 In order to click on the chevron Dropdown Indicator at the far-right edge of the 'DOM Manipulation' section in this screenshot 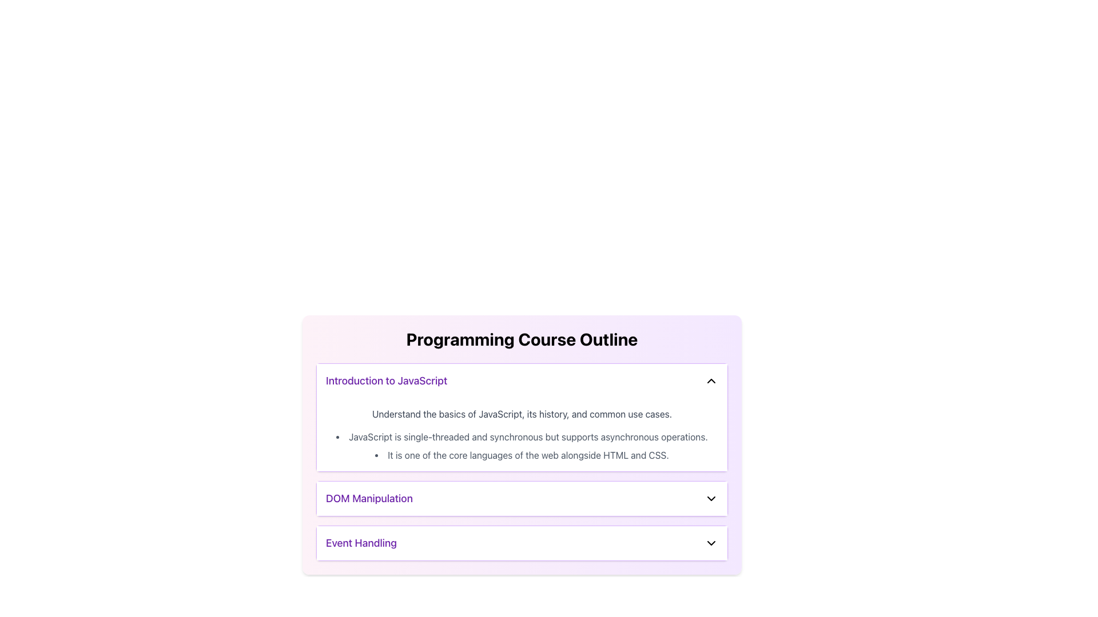, I will do `click(710, 498)`.